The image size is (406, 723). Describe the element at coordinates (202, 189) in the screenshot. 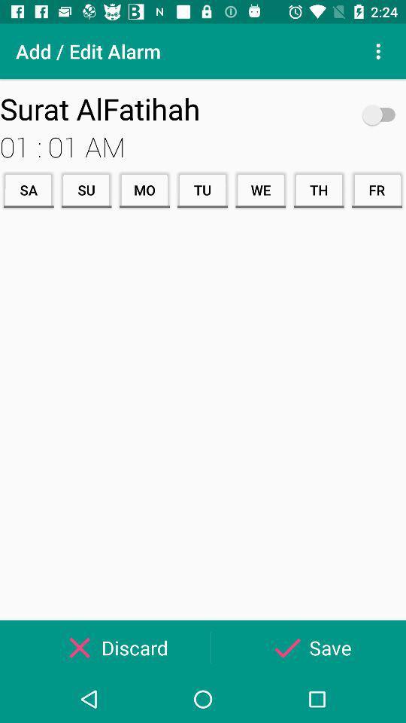

I see `the icon to the left of we icon` at that location.